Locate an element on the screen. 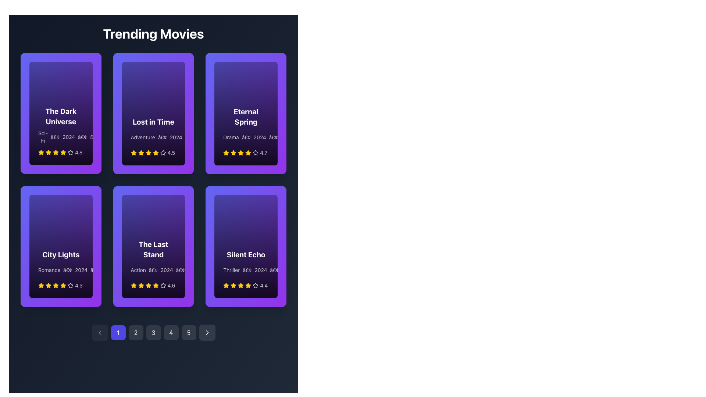 This screenshot has width=706, height=397. the clock icon located to the immediate left of the time label '2h 05m' in the 'Eternal Spring' card in the second row, third column of the grid is located at coordinates (282, 137).